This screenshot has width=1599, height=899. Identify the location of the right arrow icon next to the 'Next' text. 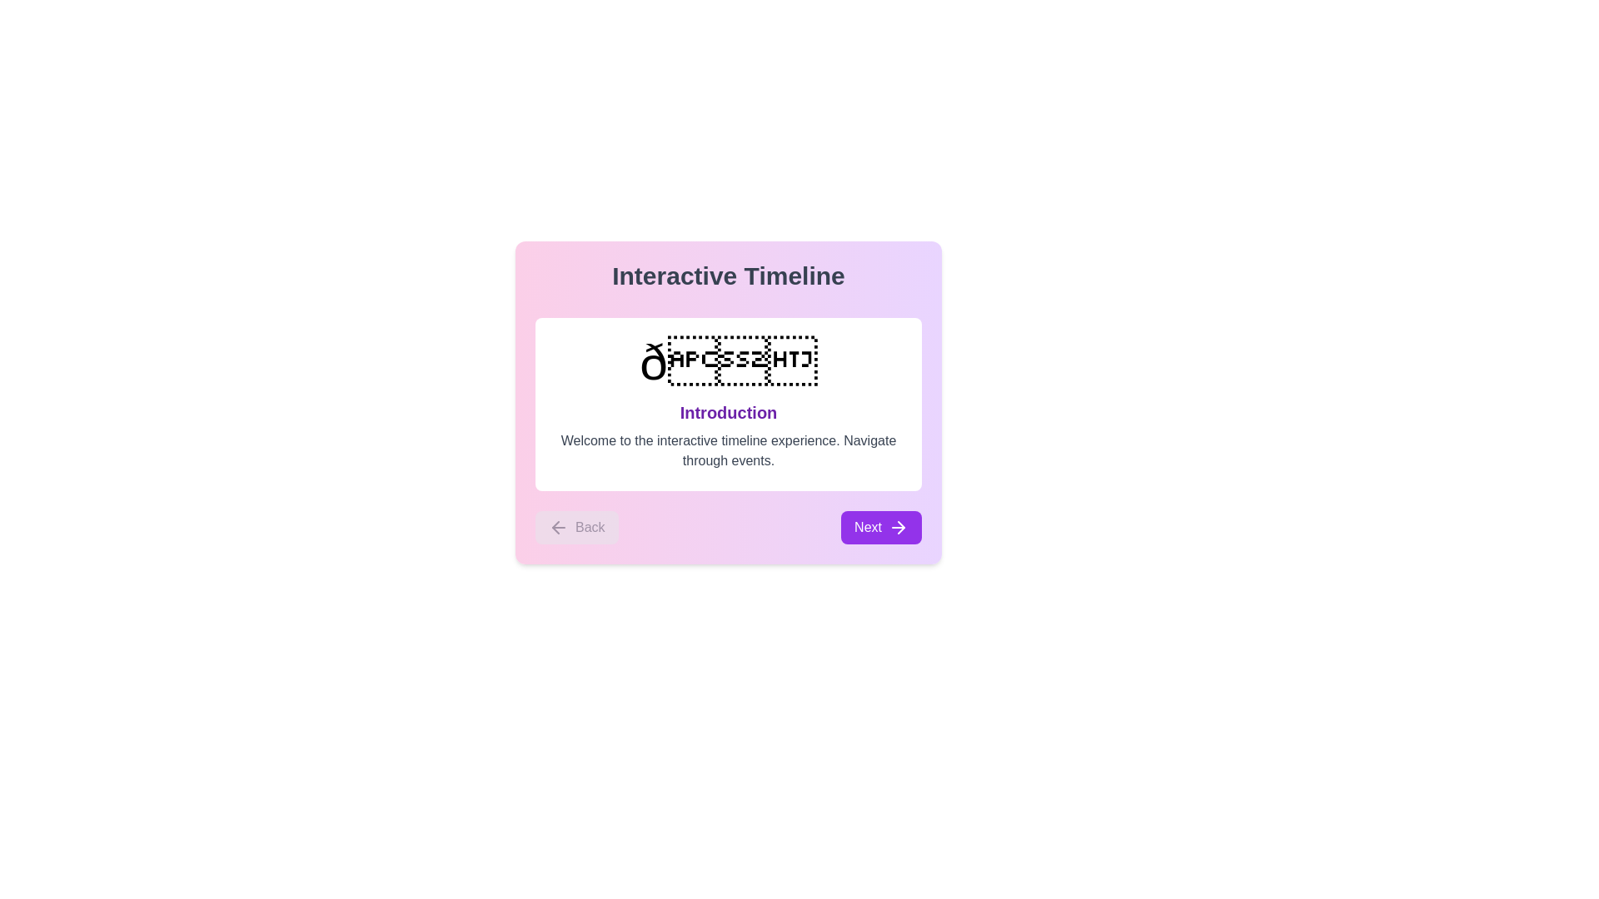
(898, 527).